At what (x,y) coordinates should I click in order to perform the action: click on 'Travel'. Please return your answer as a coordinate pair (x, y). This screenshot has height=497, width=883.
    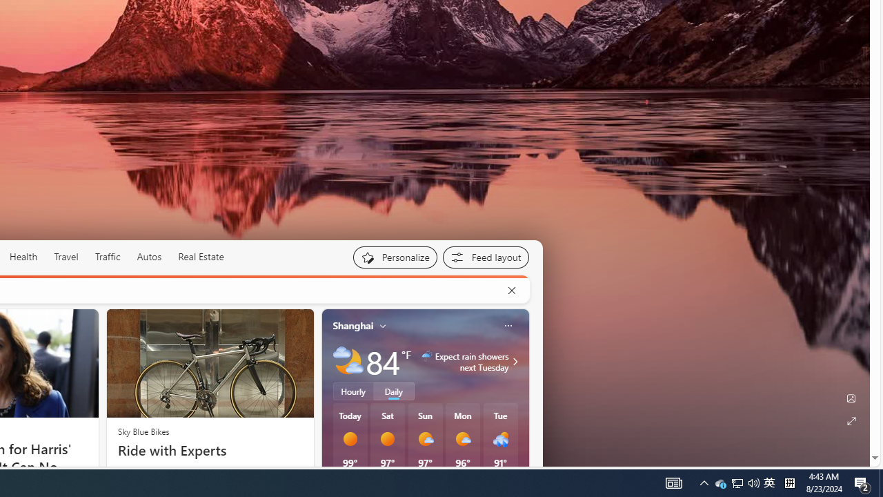
    Looking at the image, I should click on (66, 256).